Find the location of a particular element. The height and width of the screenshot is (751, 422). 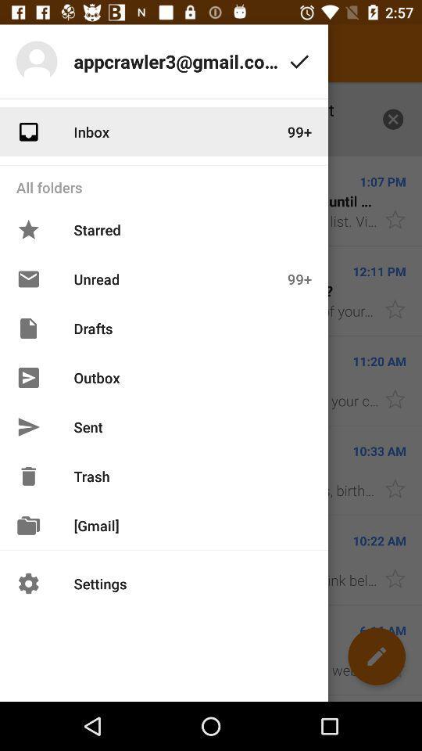

the edit icon is located at coordinates (376, 656).